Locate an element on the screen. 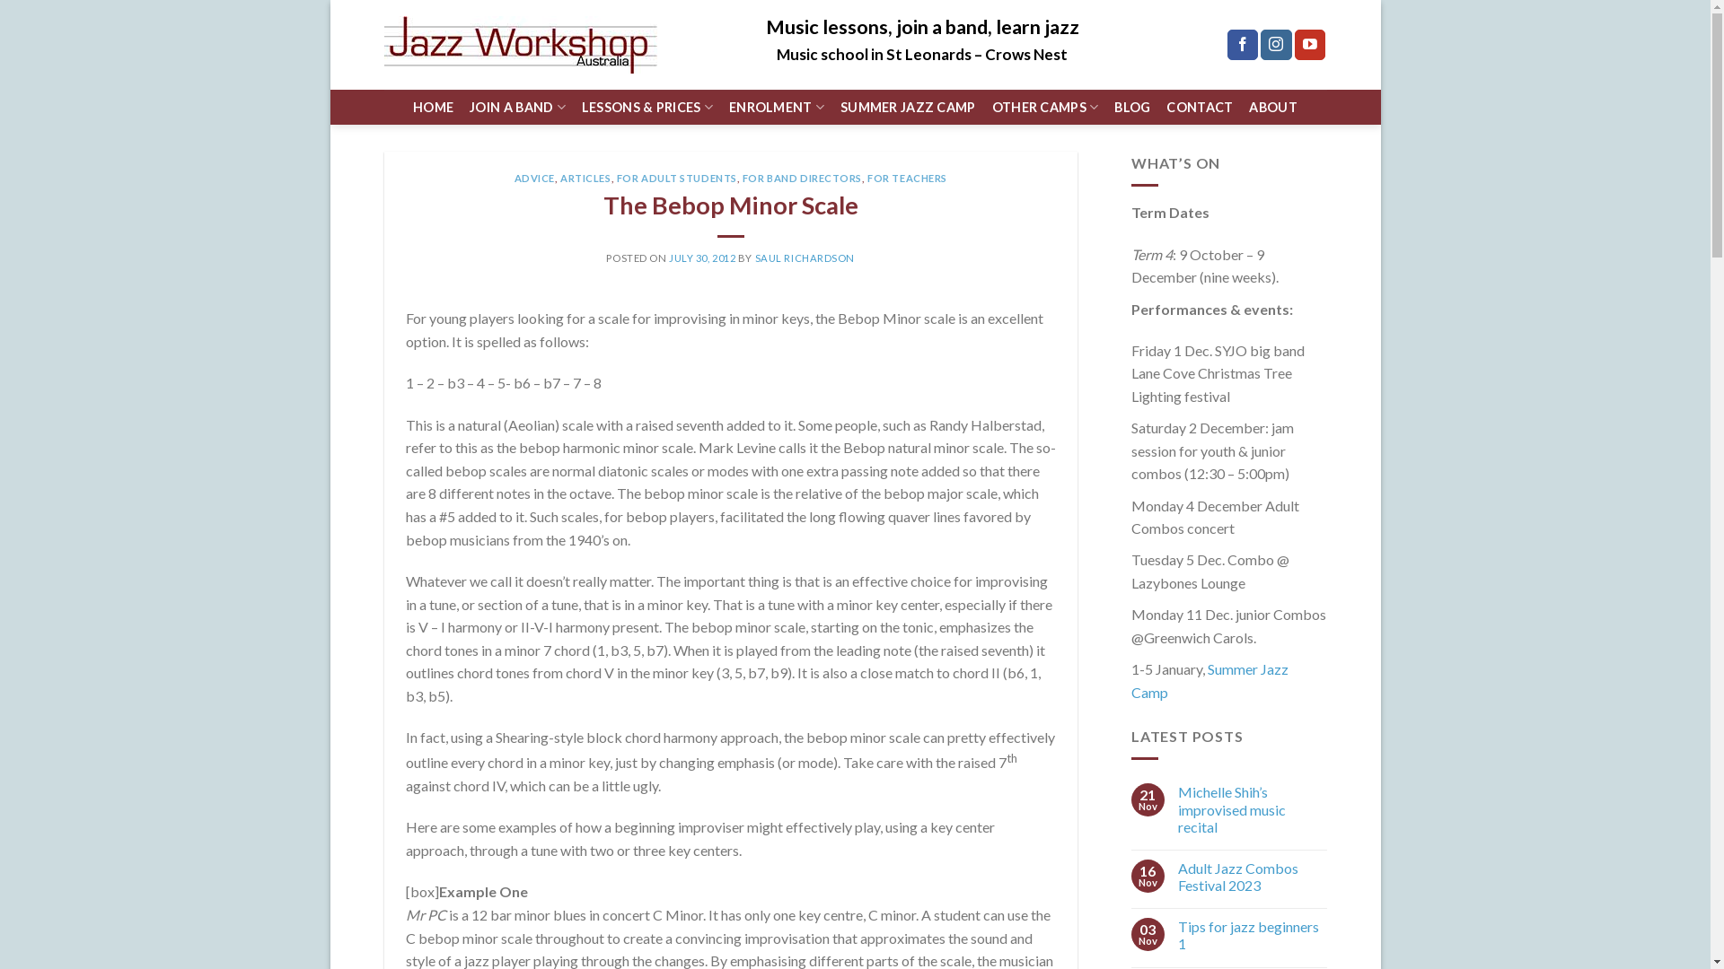 Image resolution: width=1724 pixels, height=969 pixels. 'ABOUT' is located at coordinates (1271, 107).